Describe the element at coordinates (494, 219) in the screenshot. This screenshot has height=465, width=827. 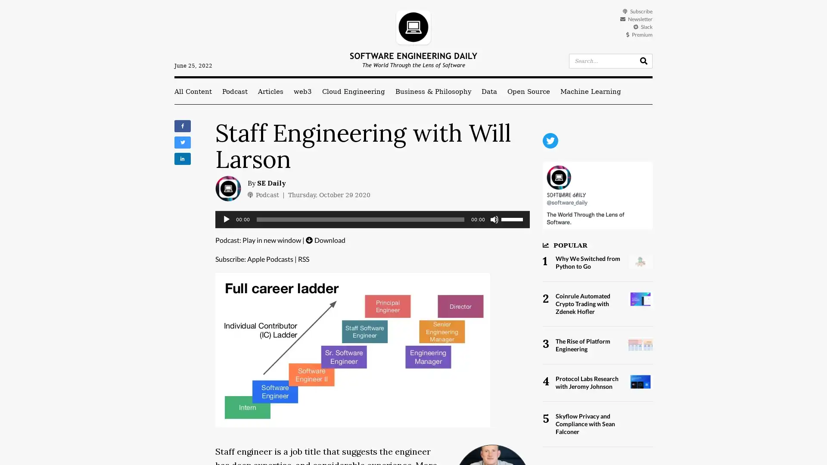
I see `Mute` at that location.